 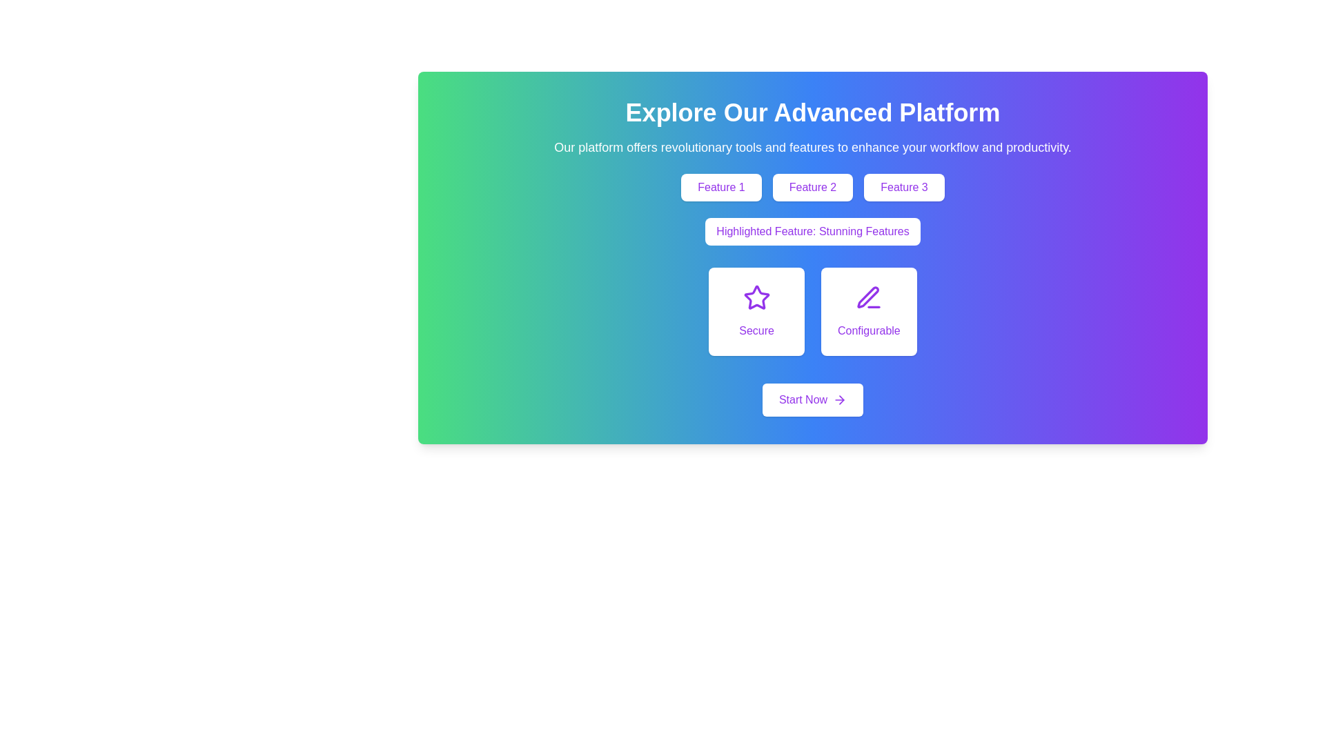 What do you see at coordinates (756, 311) in the screenshot?
I see `the 'Secure' card element, which is the first item in a two-column grid layout under the 'Explore Our Advanced Platform' header` at bounding box center [756, 311].